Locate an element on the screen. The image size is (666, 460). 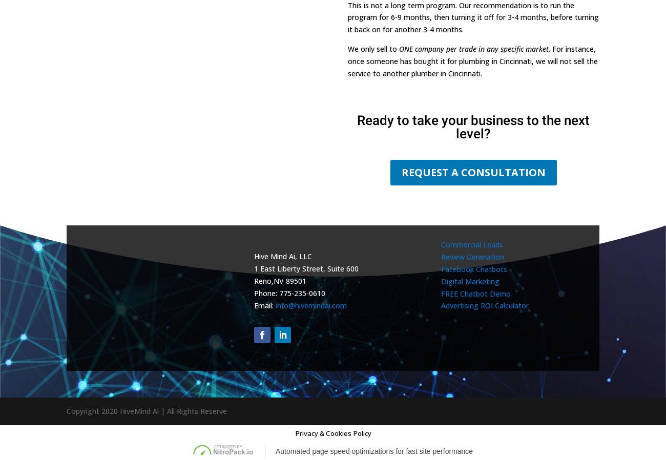
'Reno' is located at coordinates (254, 280).